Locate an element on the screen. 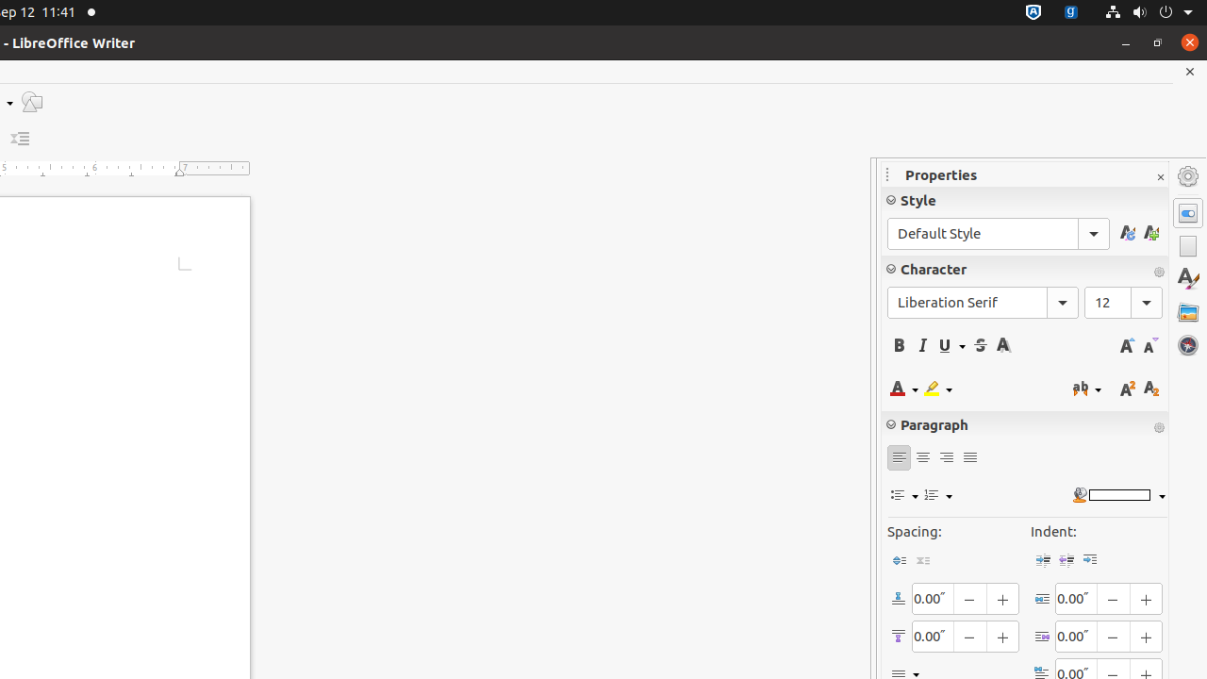 This screenshot has width=1207, height=679. 'org.kde.StatusNotifierItem-14077-1' is located at coordinates (1071, 12).